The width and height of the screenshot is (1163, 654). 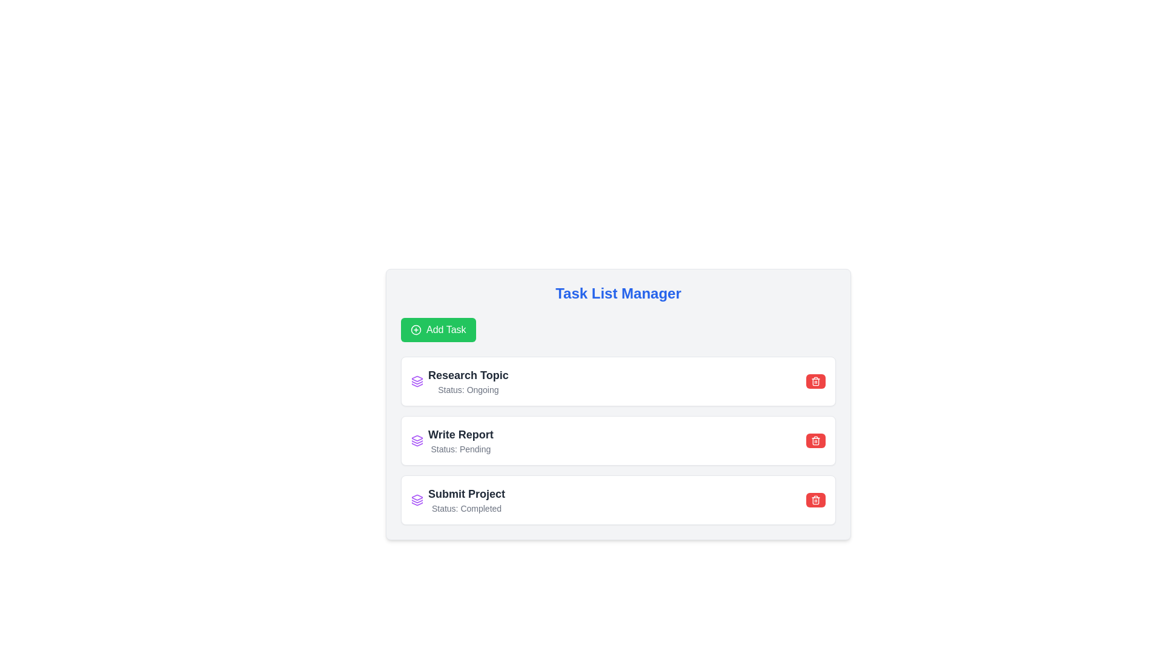 I want to click on the 'Write Report' task icon located at the far left of the task entry, adjacent to the 'Write Report' title and 'Pending' status, so click(x=417, y=441).